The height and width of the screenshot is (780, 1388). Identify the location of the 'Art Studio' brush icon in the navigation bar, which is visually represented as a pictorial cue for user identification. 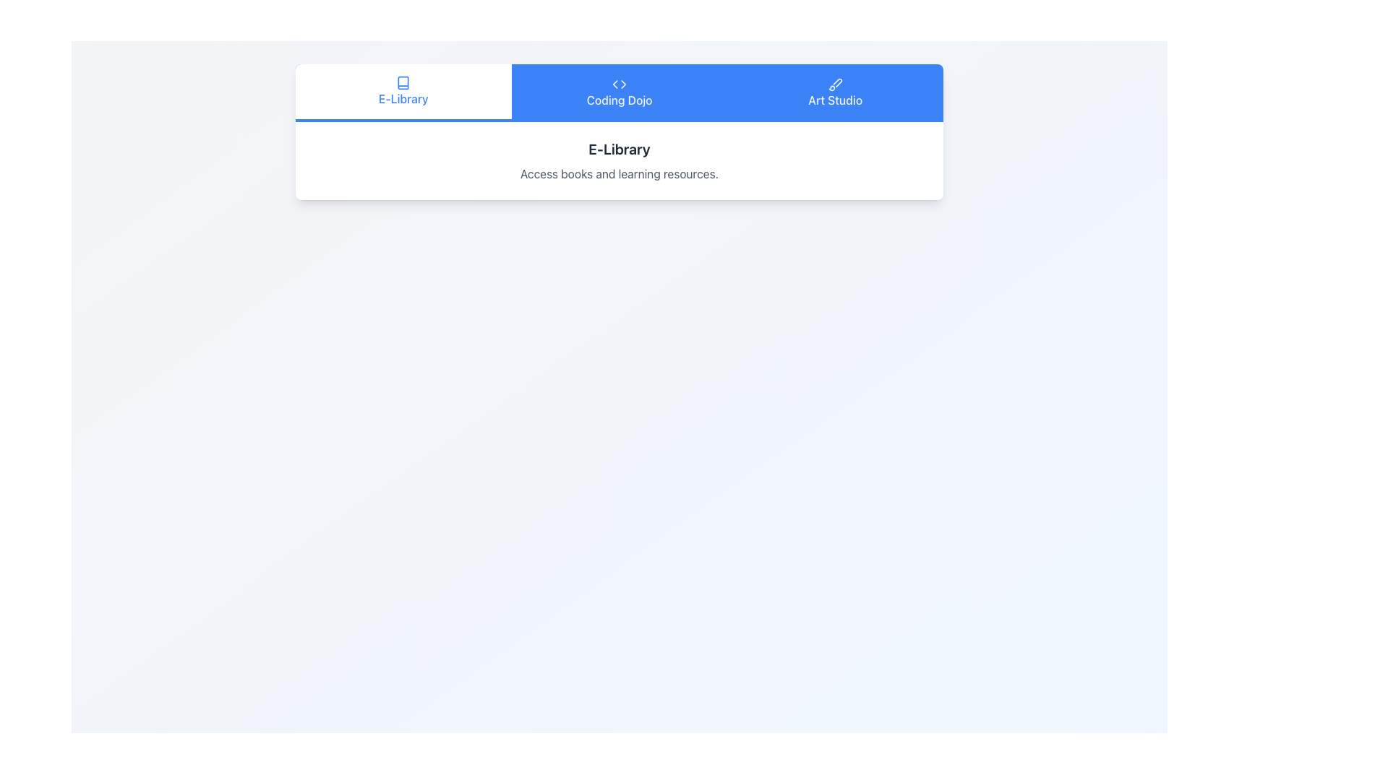
(835, 84).